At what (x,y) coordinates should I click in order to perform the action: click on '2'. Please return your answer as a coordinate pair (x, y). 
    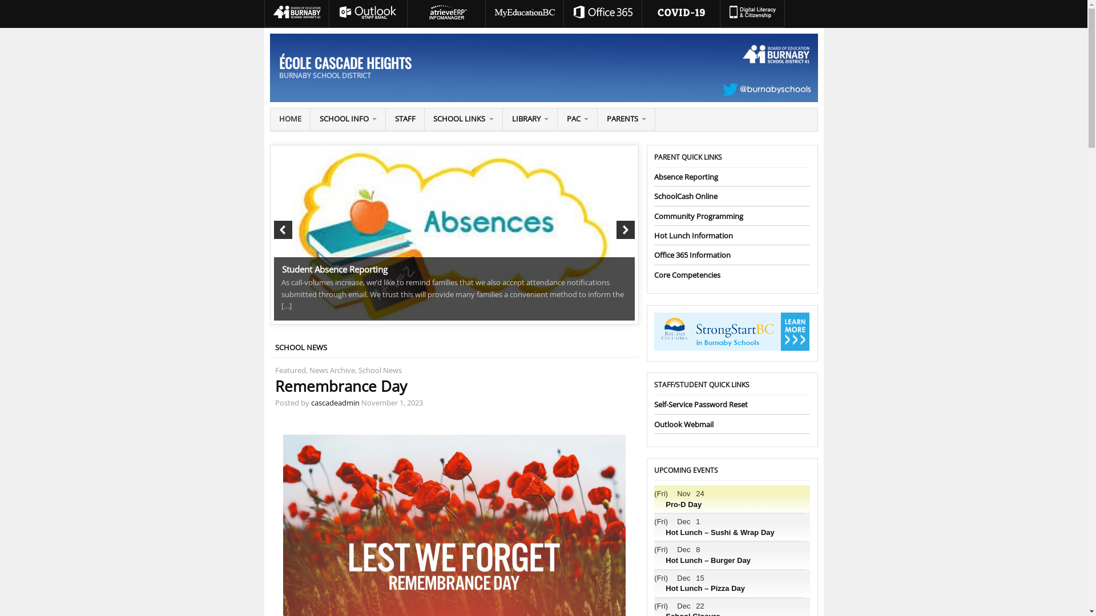
    Looking at the image, I should click on (292, 160).